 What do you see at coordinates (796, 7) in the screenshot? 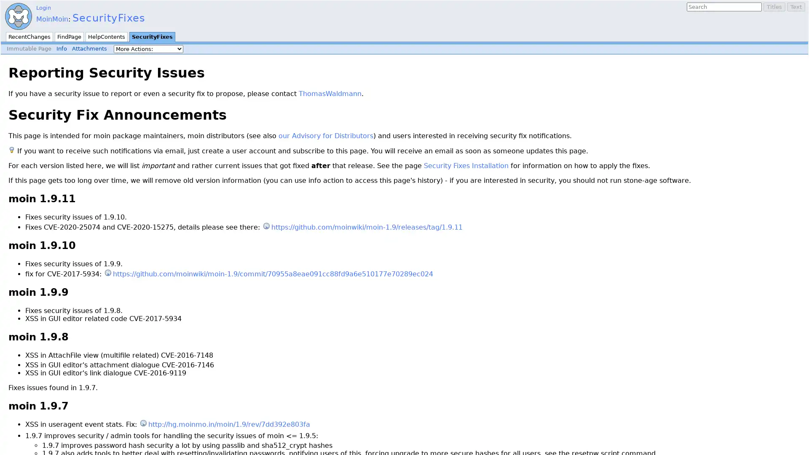
I see `Text` at bounding box center [796, 7].